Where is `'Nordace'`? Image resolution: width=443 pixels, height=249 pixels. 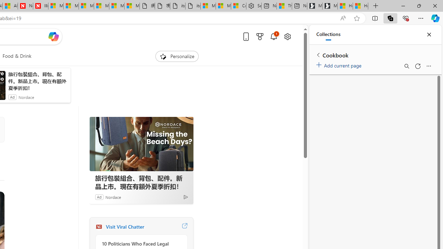
'Nordace' is located at coordinates (113, 197).